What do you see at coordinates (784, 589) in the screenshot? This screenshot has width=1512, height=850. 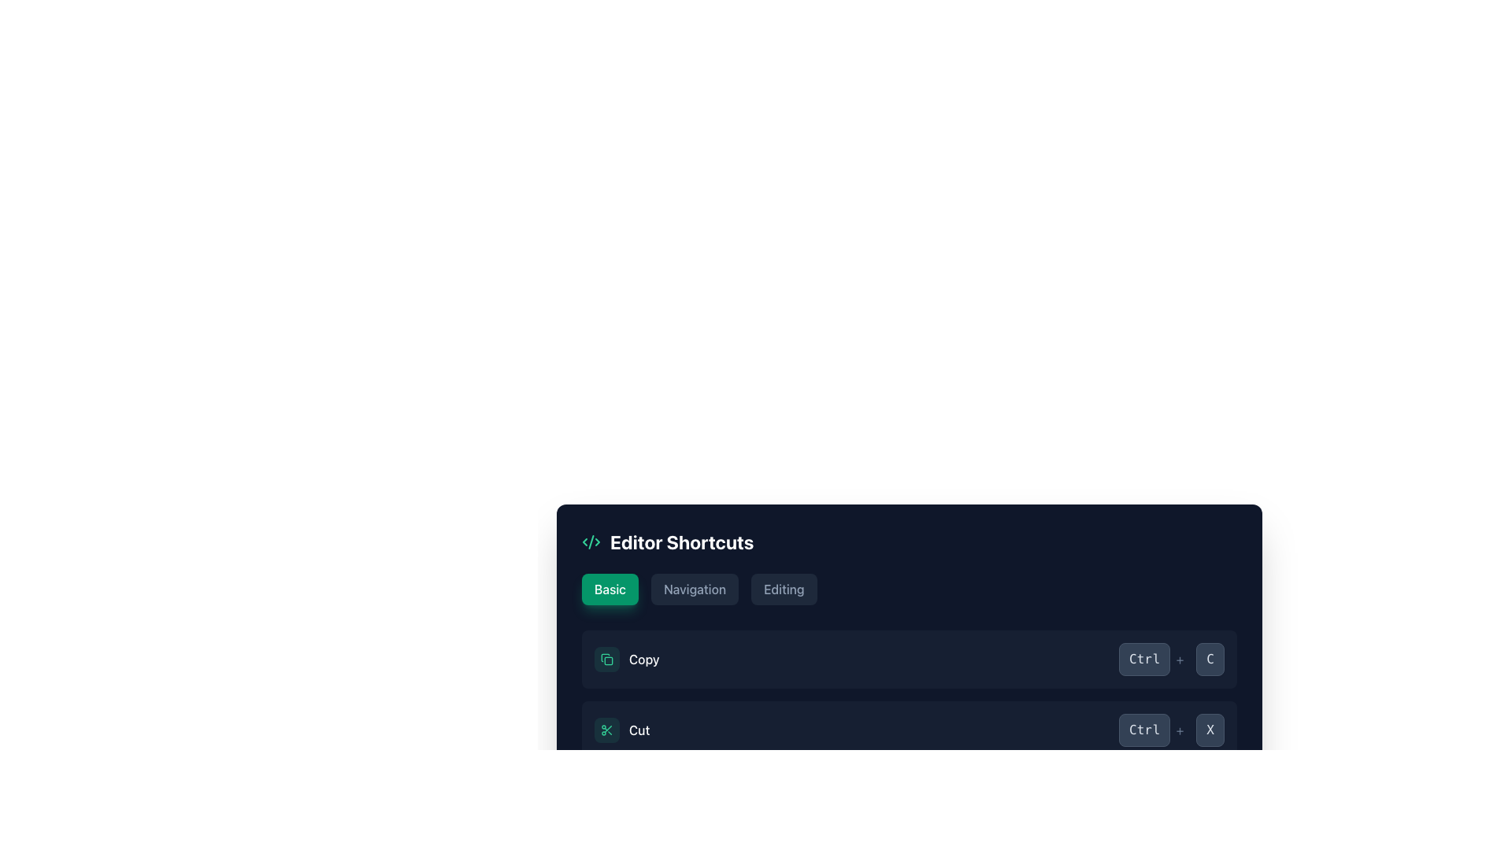 I see `the content of the Text Label indicating the 'Editing' category of shortcuts, which is centered within its rectangular button in the upper section of the interface` at bounding box center [784, 589].